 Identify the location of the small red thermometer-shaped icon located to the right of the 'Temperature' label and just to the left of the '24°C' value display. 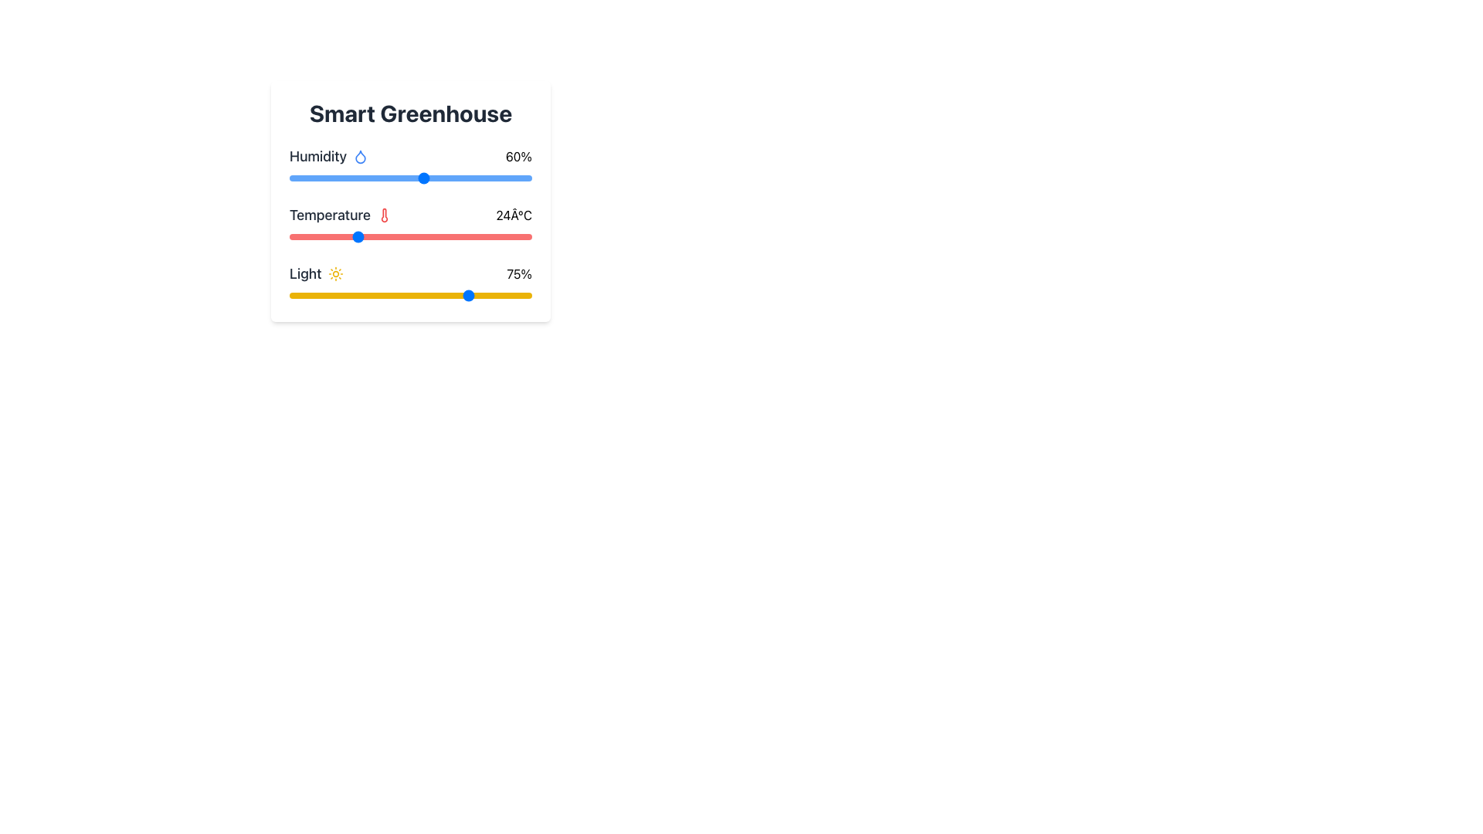
(384, 215).